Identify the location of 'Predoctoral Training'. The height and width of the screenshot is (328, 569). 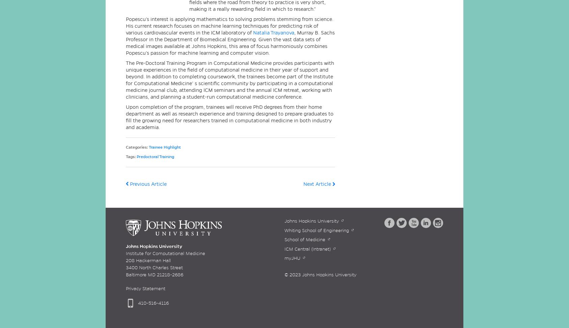
(155, 157).